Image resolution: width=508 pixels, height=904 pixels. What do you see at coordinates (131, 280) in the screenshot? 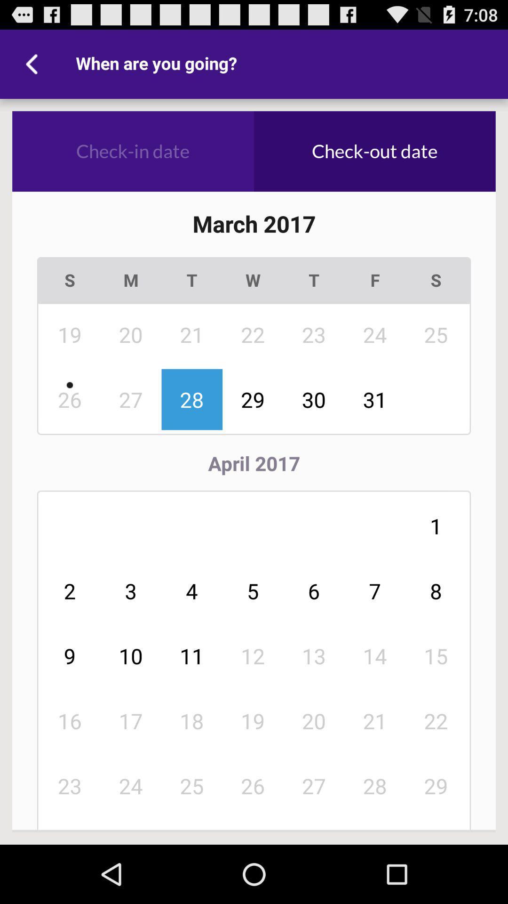
I see `item below march 2017` at bounding box center [131, 280].